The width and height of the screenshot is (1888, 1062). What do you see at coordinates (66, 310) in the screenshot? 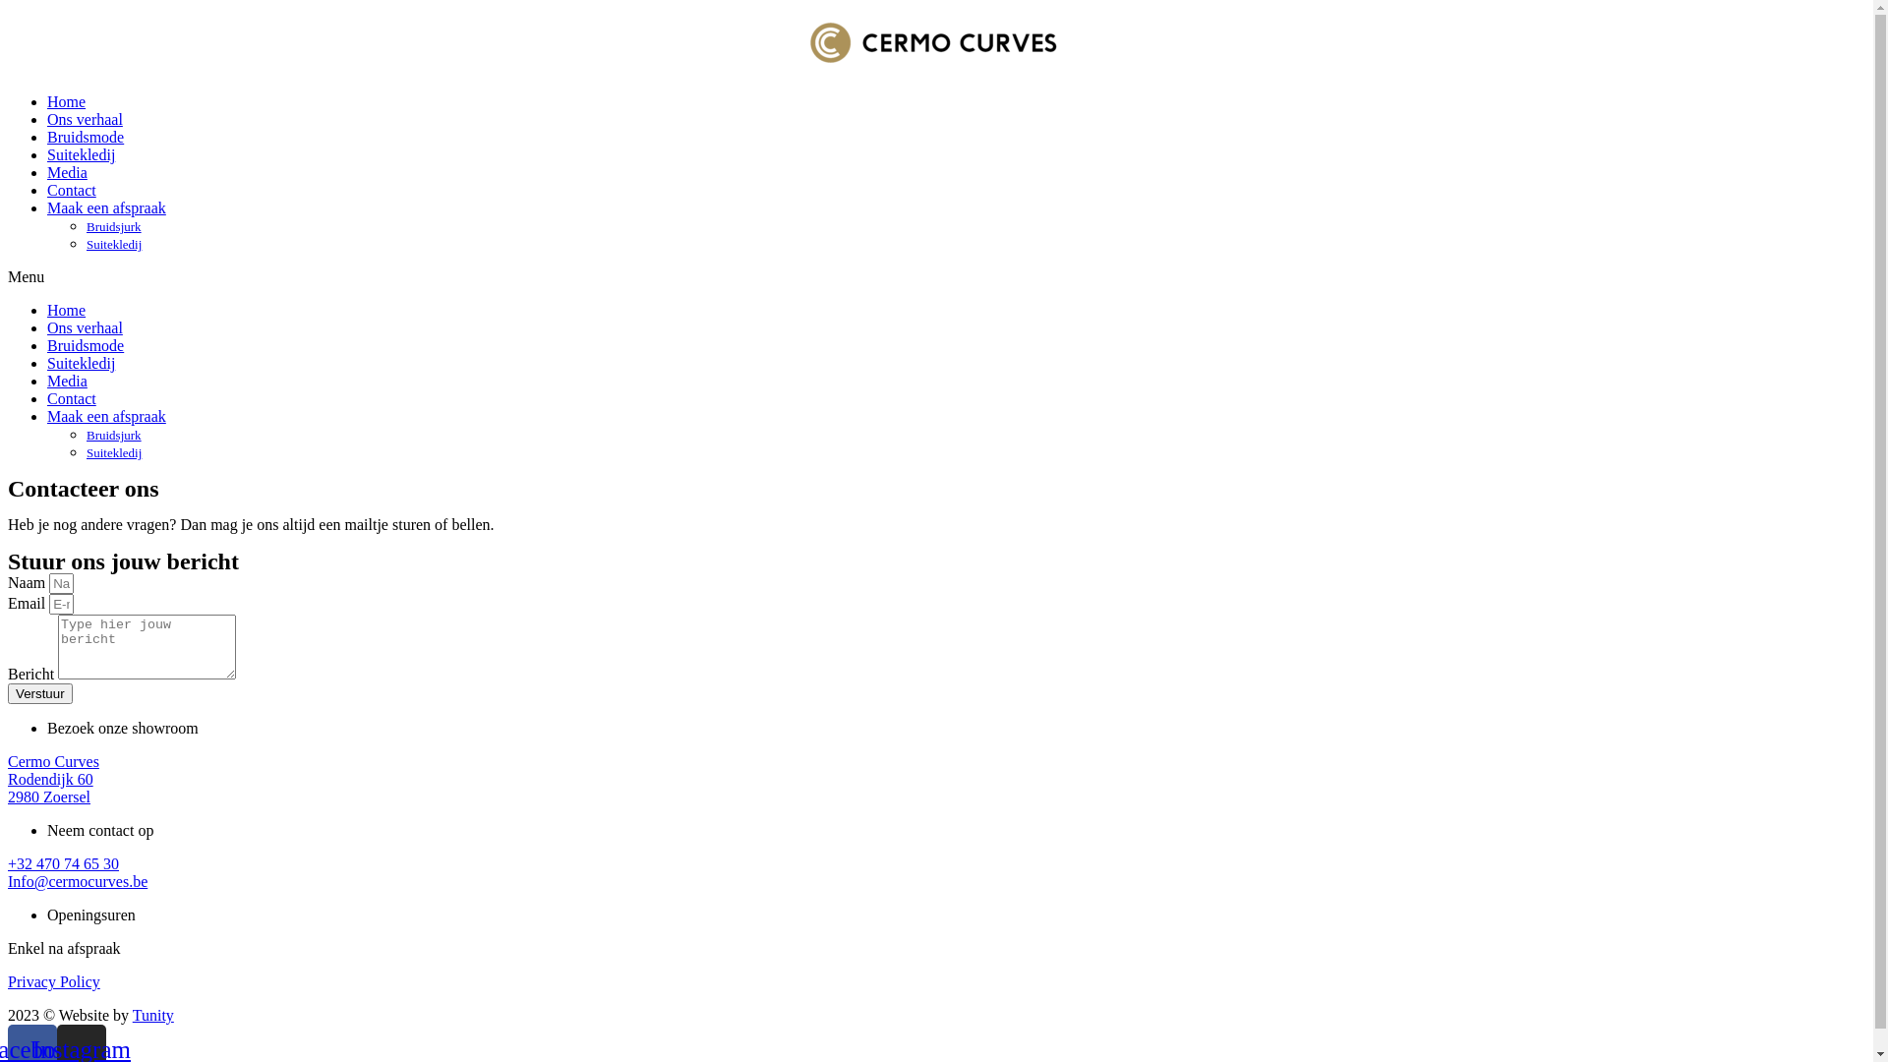
I see `'Home'` at bounding box center [66, 310].